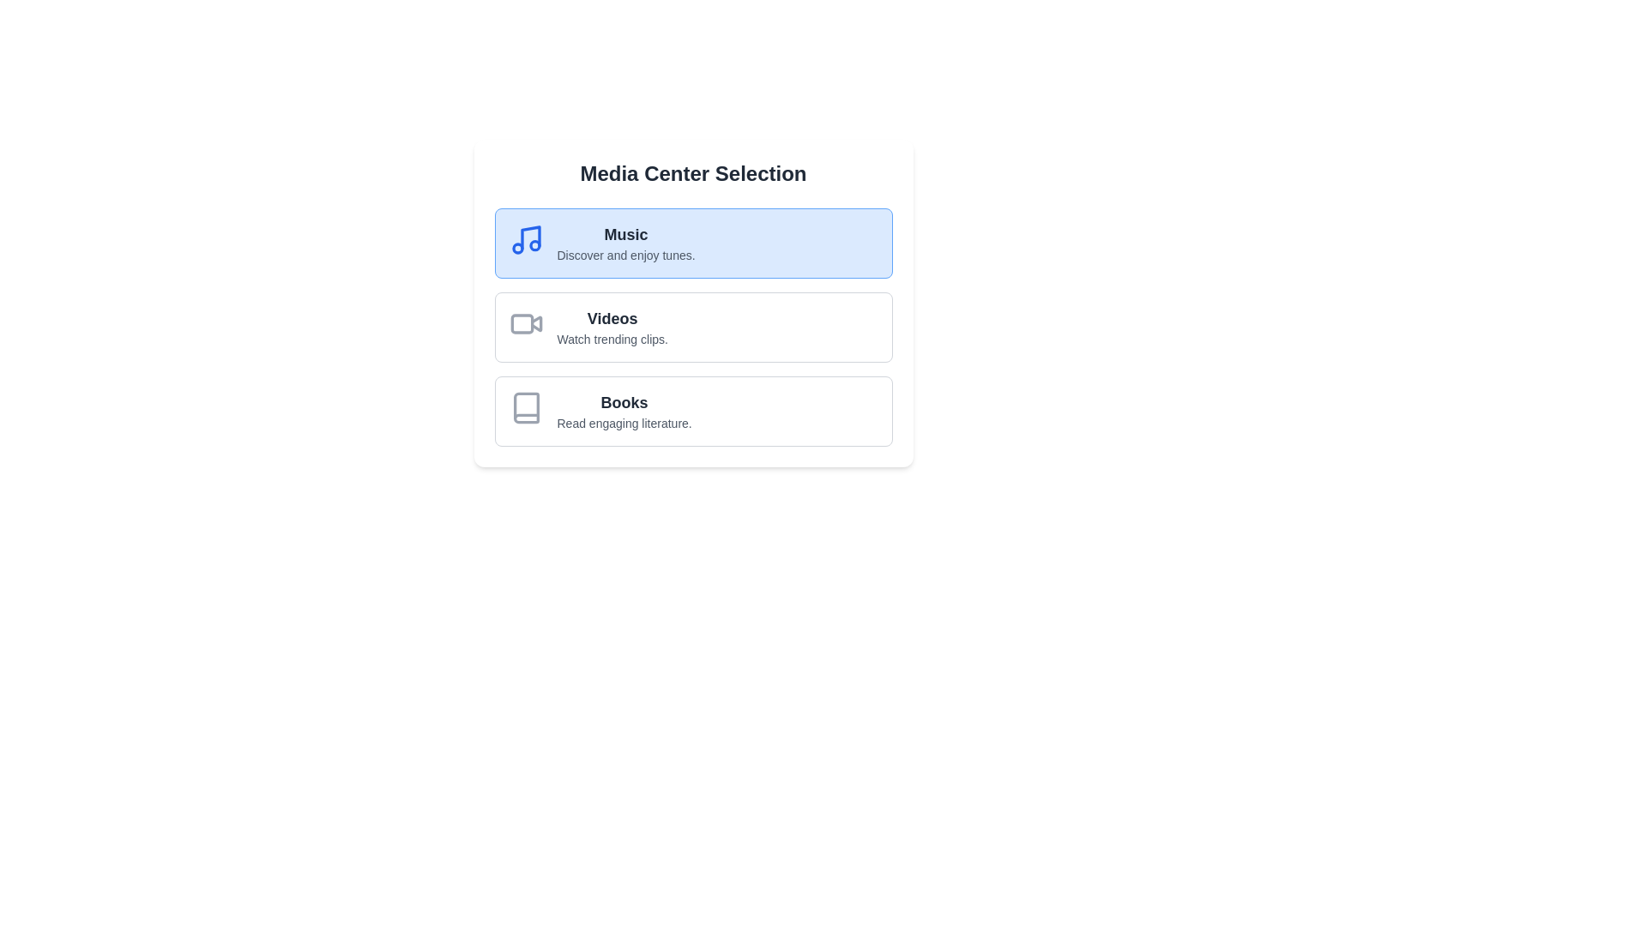  Describe the element at coordinates (521, 324) in the screenshot. I see `the SVG icon representing the 'Videos' section, located in the second row of the vertical list, to the left of the 'Videos' label` at that location.